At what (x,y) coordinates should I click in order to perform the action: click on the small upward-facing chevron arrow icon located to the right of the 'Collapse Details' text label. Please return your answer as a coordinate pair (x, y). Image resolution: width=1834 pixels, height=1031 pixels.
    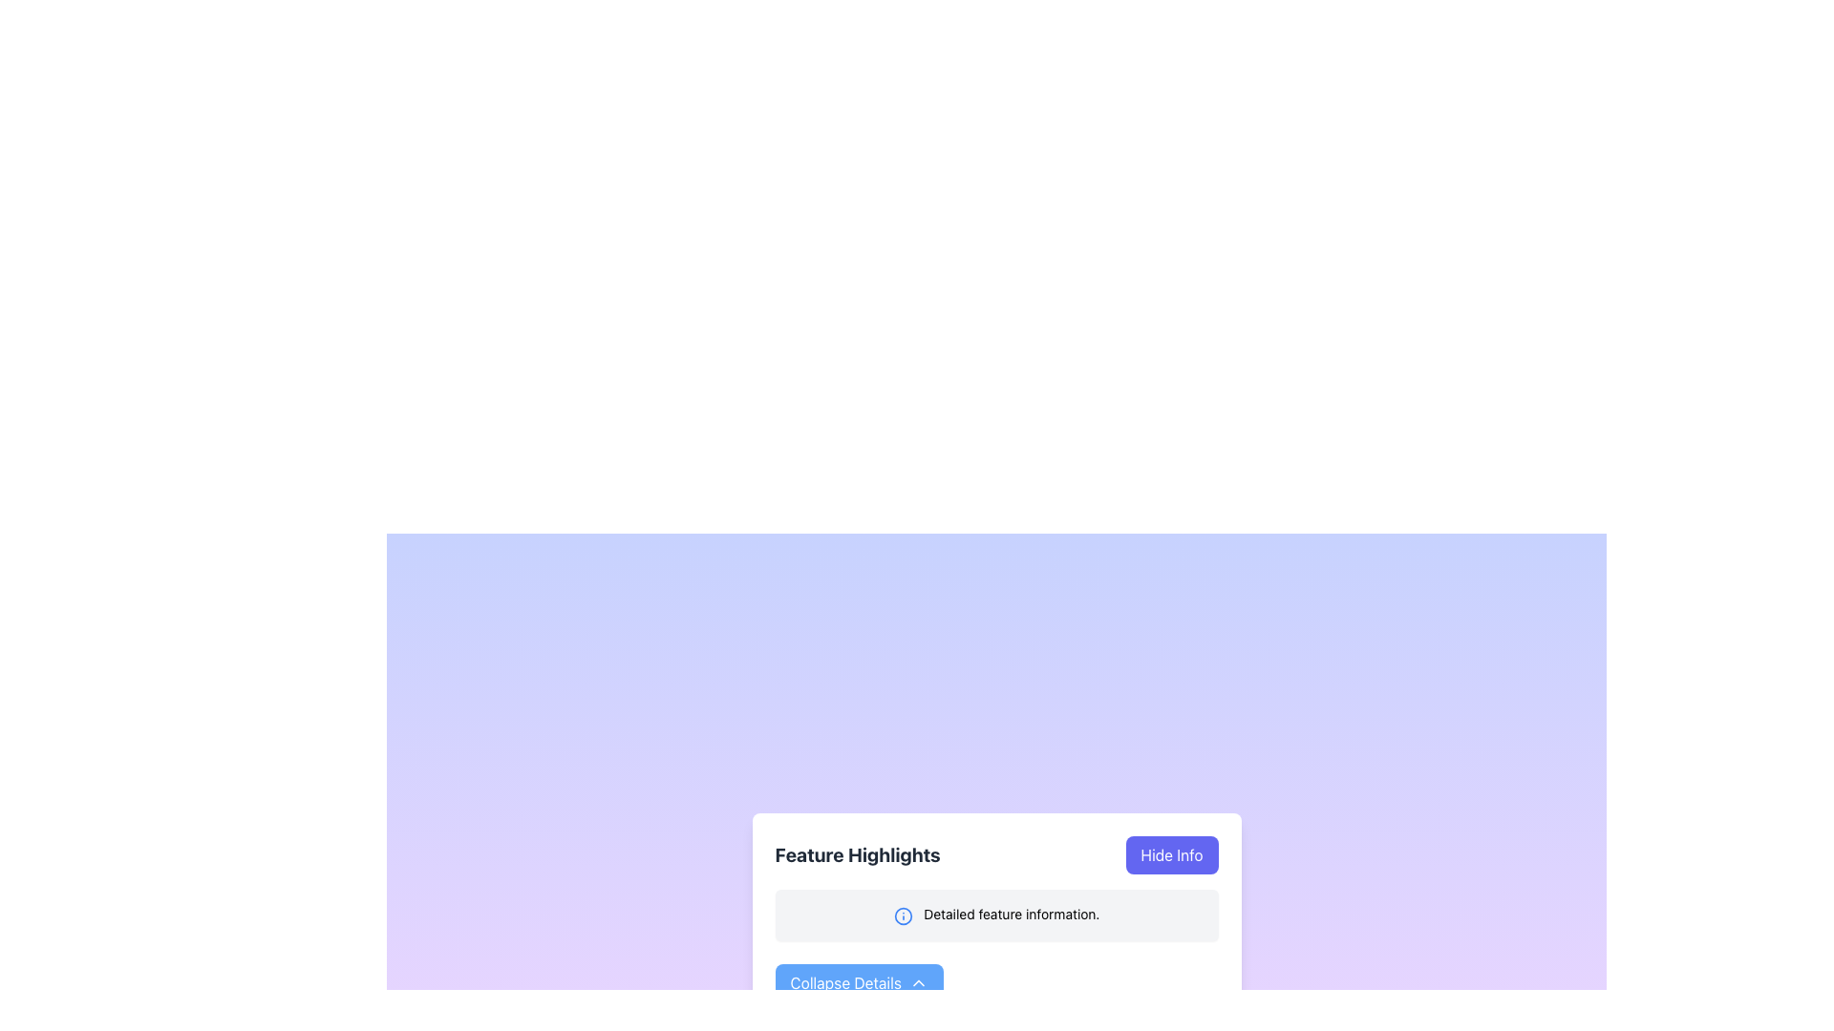
    Looking at the image, I should click on (918, 982).